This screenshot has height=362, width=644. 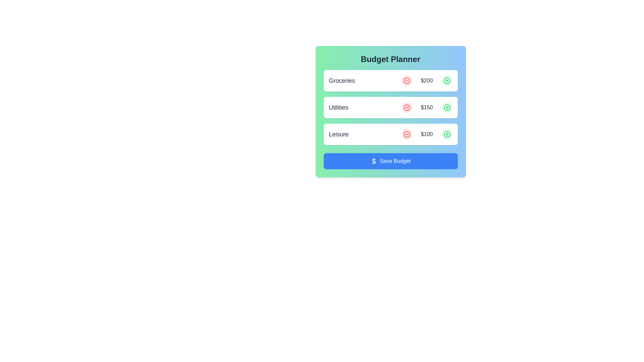 I want to click on the decrement button located to the left of the text '$150' and to the right of the 'Utilities' label in the middle row of the 'Budget Planner' interface to decrease the value, so click(x=406, y=107).